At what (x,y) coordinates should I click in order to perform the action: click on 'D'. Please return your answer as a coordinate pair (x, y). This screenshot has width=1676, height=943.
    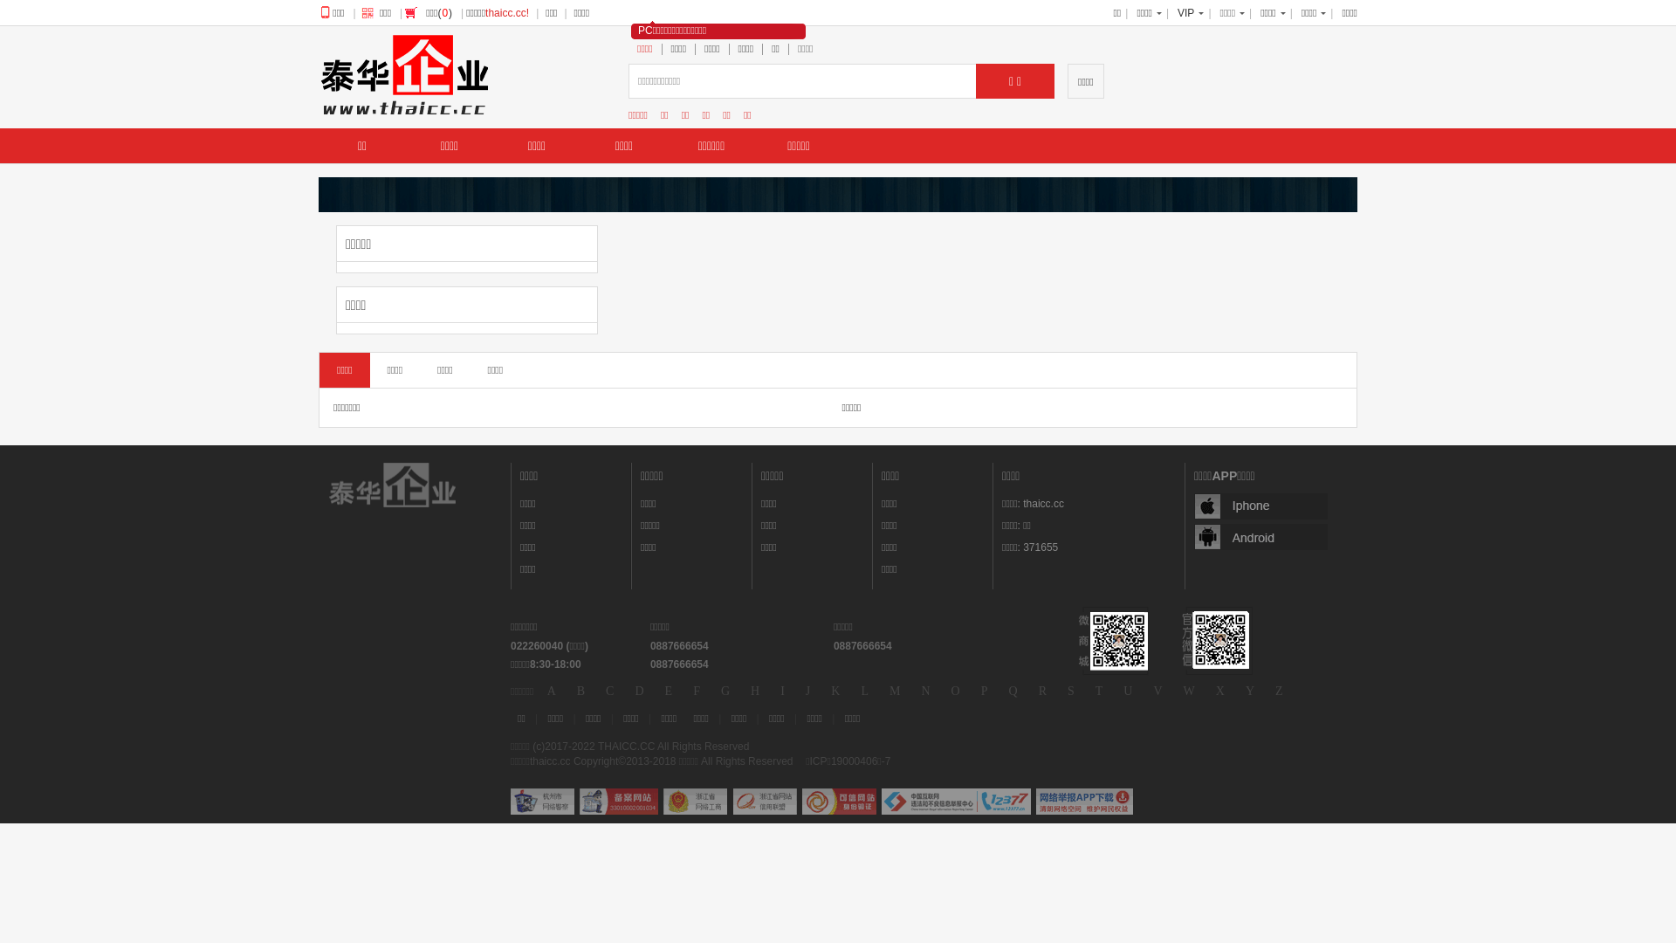
    Looking at the image, I should click on (637, 690).